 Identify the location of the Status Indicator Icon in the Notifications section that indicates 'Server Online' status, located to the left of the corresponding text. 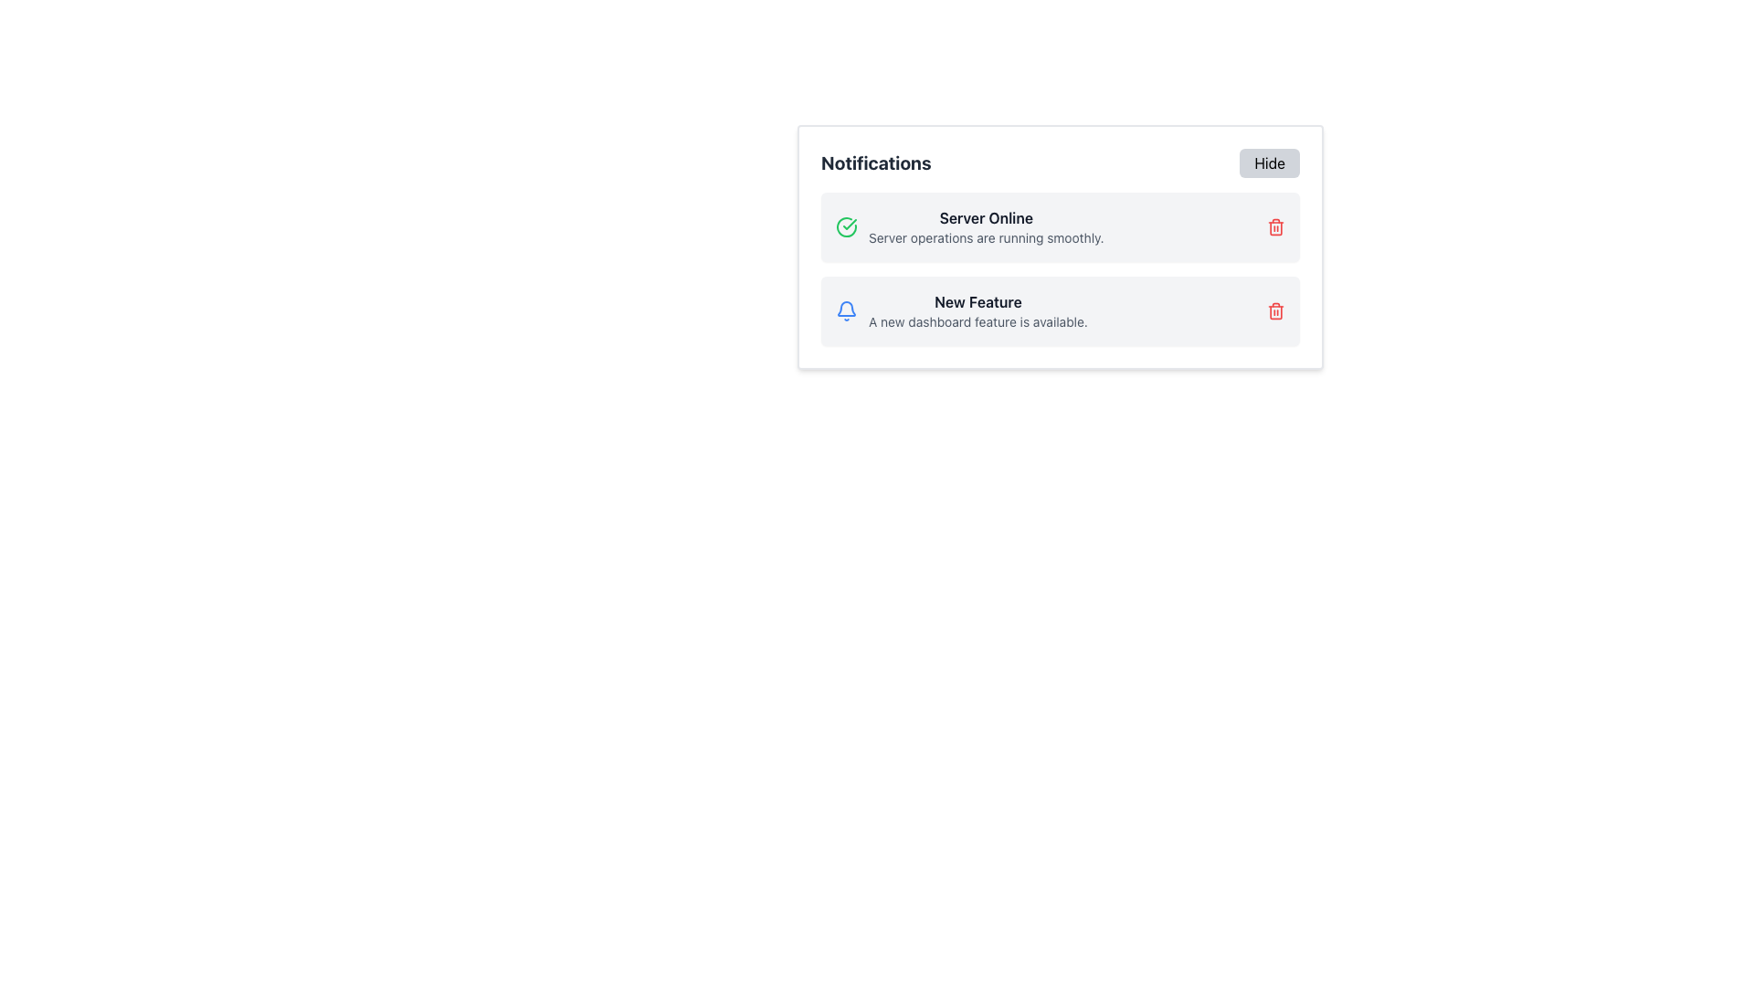
(845, 226).